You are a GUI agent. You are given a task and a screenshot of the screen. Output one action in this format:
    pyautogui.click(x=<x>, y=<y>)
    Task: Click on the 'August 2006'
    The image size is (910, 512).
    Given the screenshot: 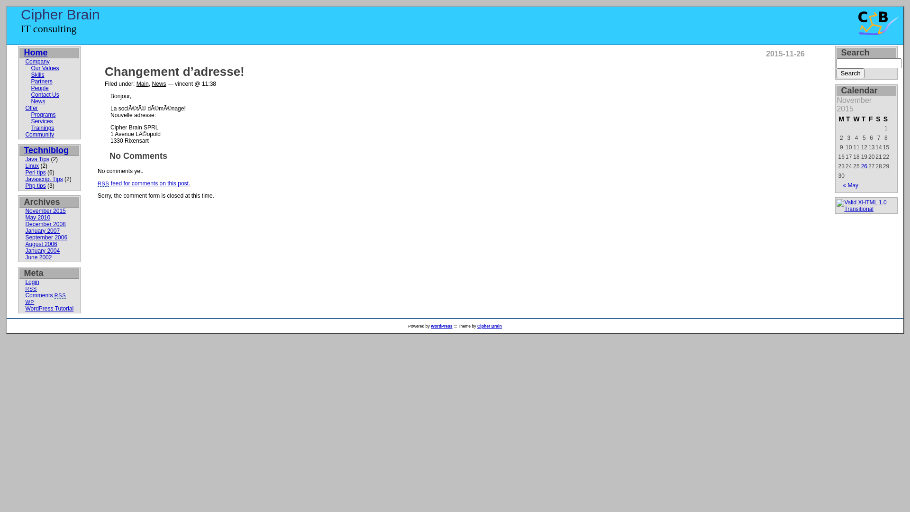 What is the action you would take?
    pyautogui.click(x=40, y=244)
    